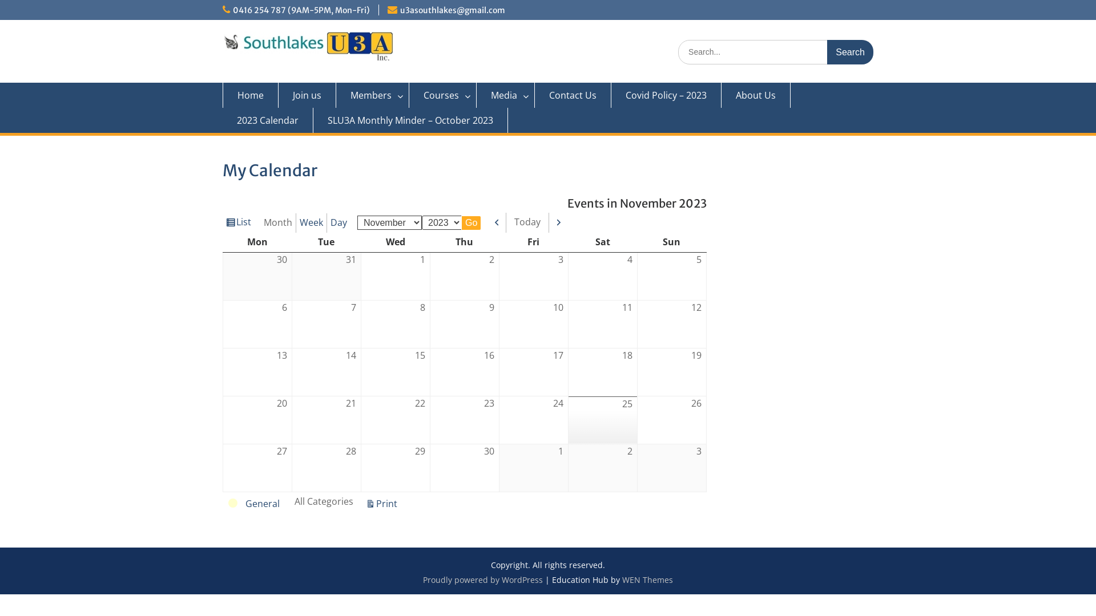 This screenshot has height=616, width=1096. Describe the element at coordinates (471, 222) in the screenshot. I see `'Go'` at that location.